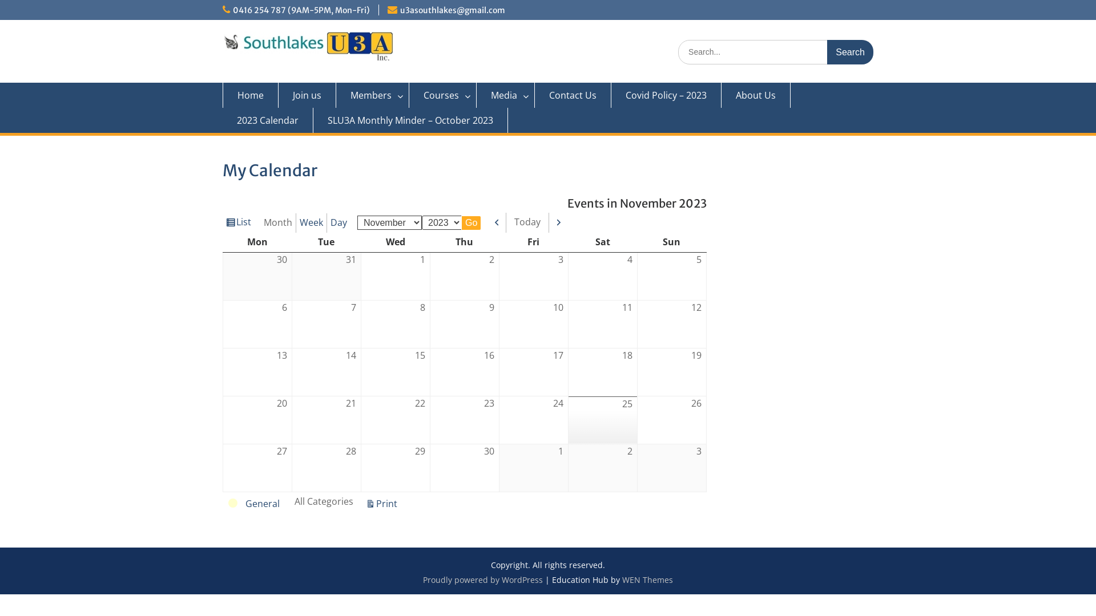 This screenshot has height=616, width=1096. Describe the element at coordinates (471, 222) in the screenshot. I see `'Go'` at that location.